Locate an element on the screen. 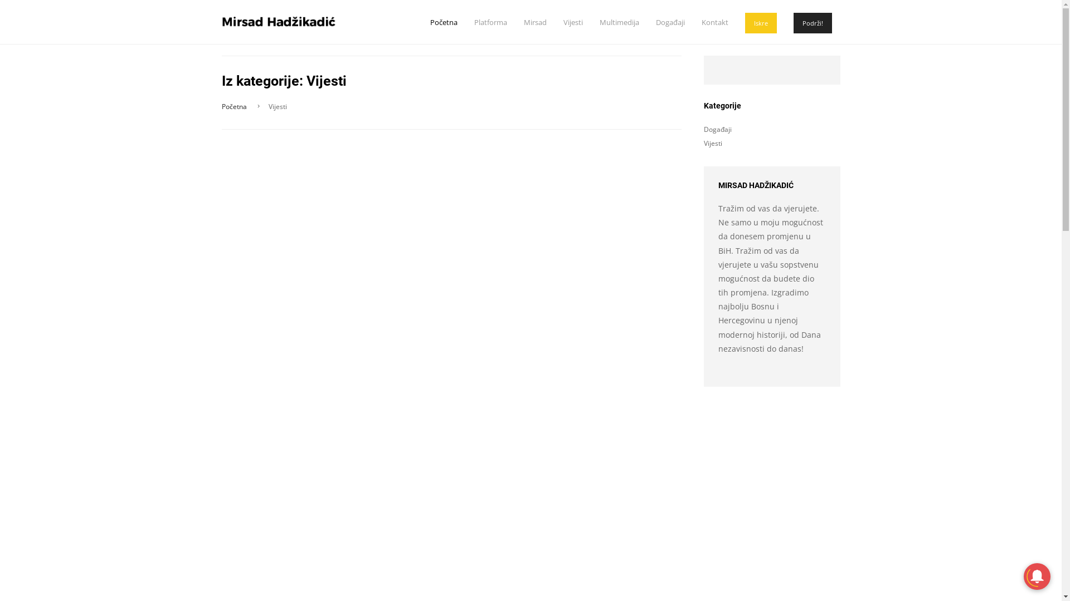  'Vijesti' is located at coordinates (712, 142).